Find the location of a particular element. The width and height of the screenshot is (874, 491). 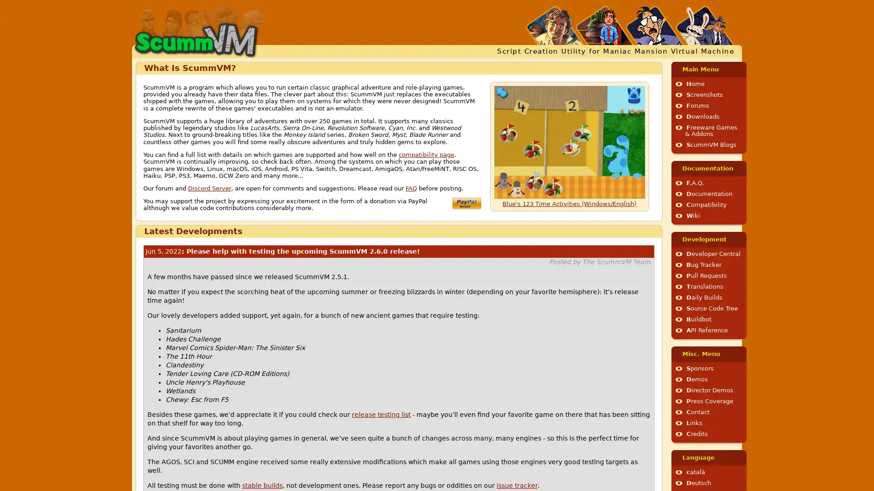

Support This Project is located at coordinates (466, 202).